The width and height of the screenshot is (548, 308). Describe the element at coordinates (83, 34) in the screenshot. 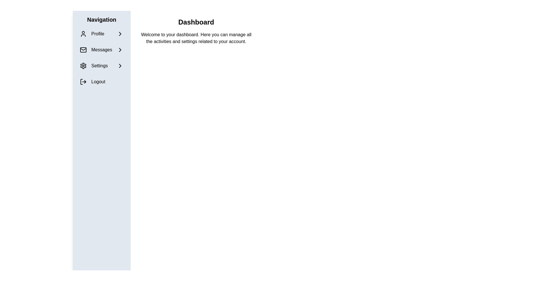

I see `the user icon in the left-hand navigation bar, located at the top under the 'Navigation' heading, which features a simplistic SVG representation of a person and is adjacent to the text 'Profile'` at that location.